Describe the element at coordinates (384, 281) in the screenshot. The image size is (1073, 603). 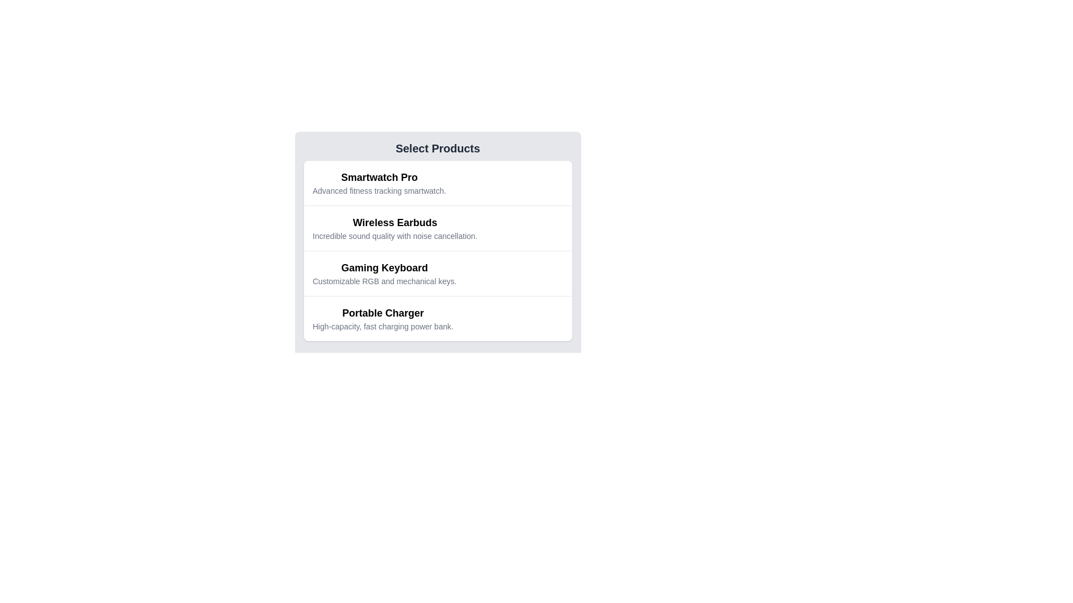
I see `the text element containing 'Customizable RGB and mechanical keys.', which is styled in gray and located below the 'Gaming Keyboard' title in the vertical product list` at that location.